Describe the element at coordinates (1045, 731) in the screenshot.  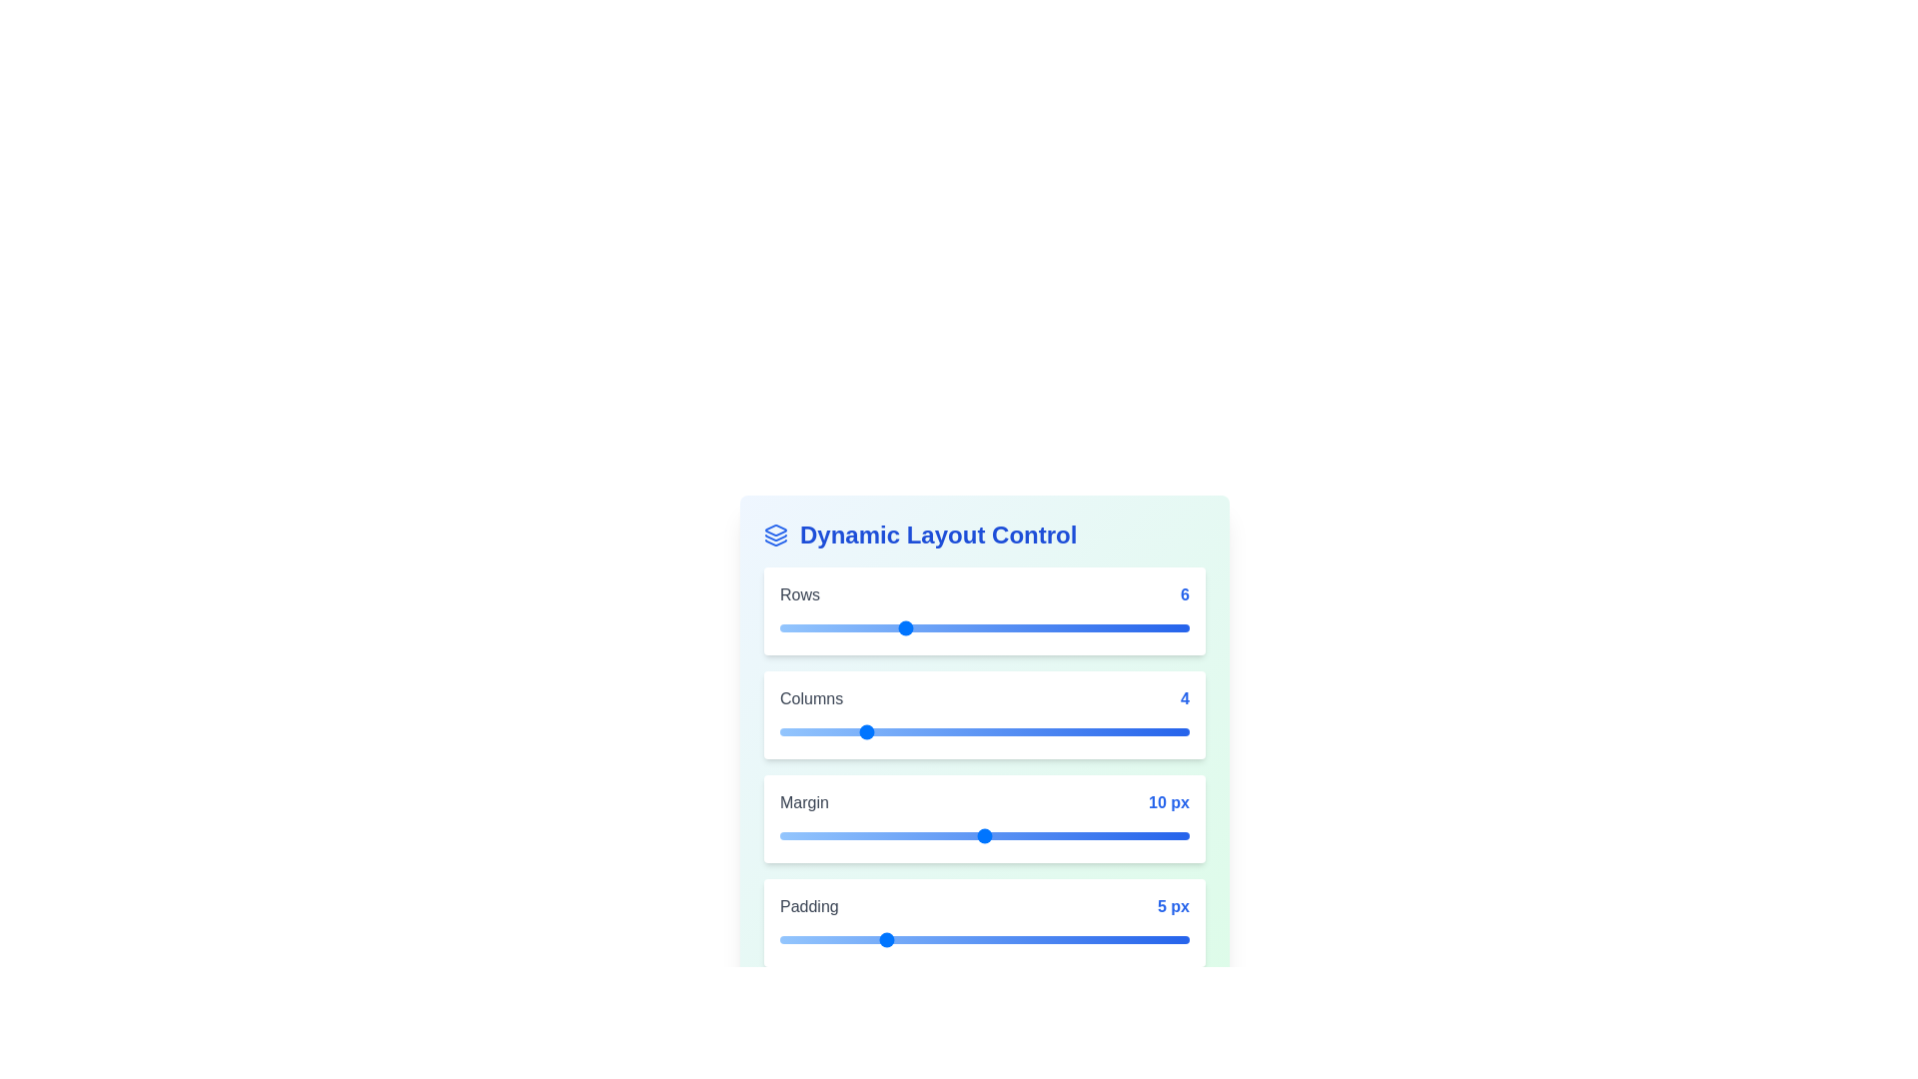
I see `the 'Columns' slider to 13` at that location.